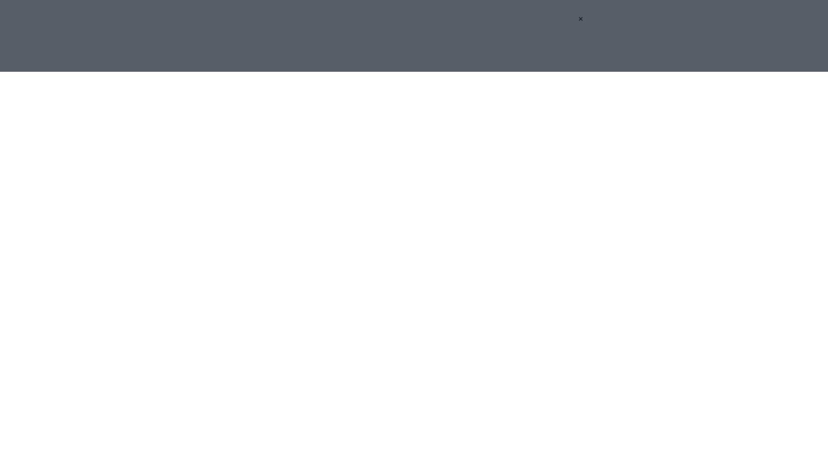 The height and width of the screenshot is (449, 828). I want to click on 'On the weekend, Guardiola made history. Lifting the Carabao Cup for the fourth successive time, the Catalan manager readily emphasised, …', so click(407, 147).